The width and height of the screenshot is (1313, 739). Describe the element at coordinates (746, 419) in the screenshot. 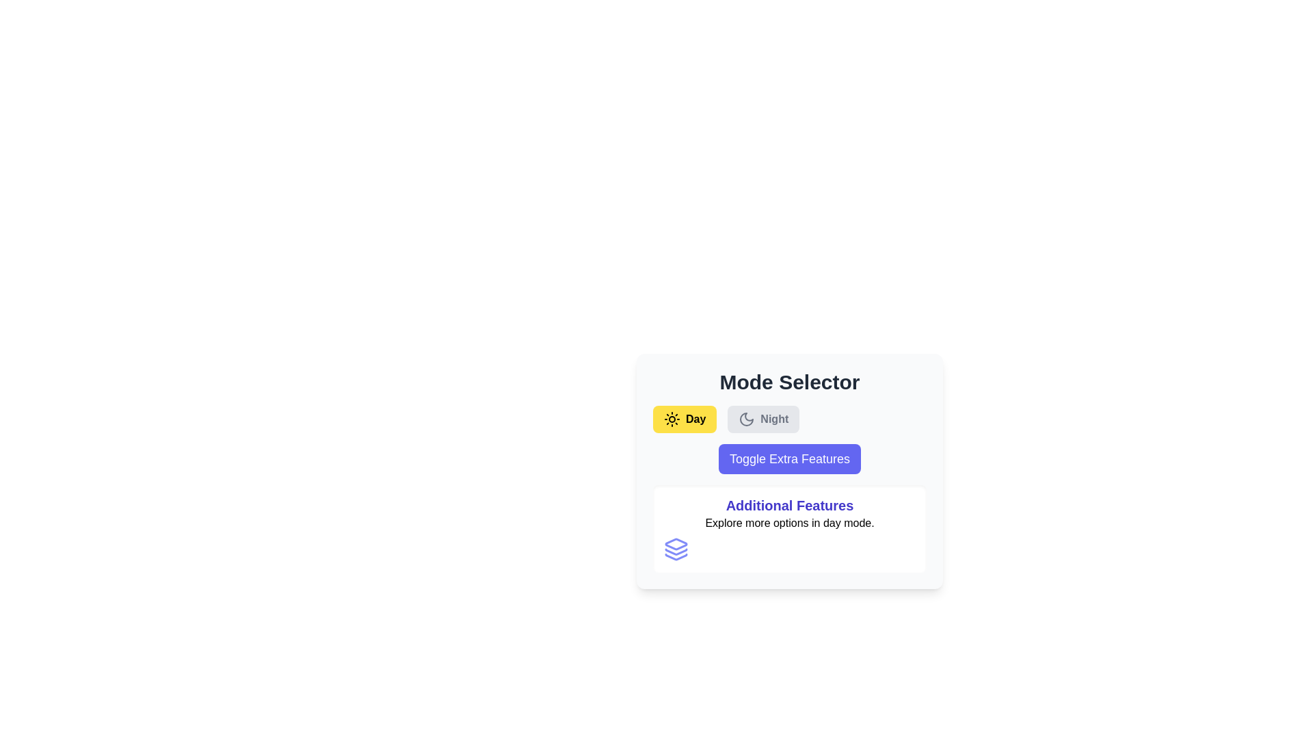

I see `the crescent moon icon outlined in gray, located next to the 'Night' label` at that location.